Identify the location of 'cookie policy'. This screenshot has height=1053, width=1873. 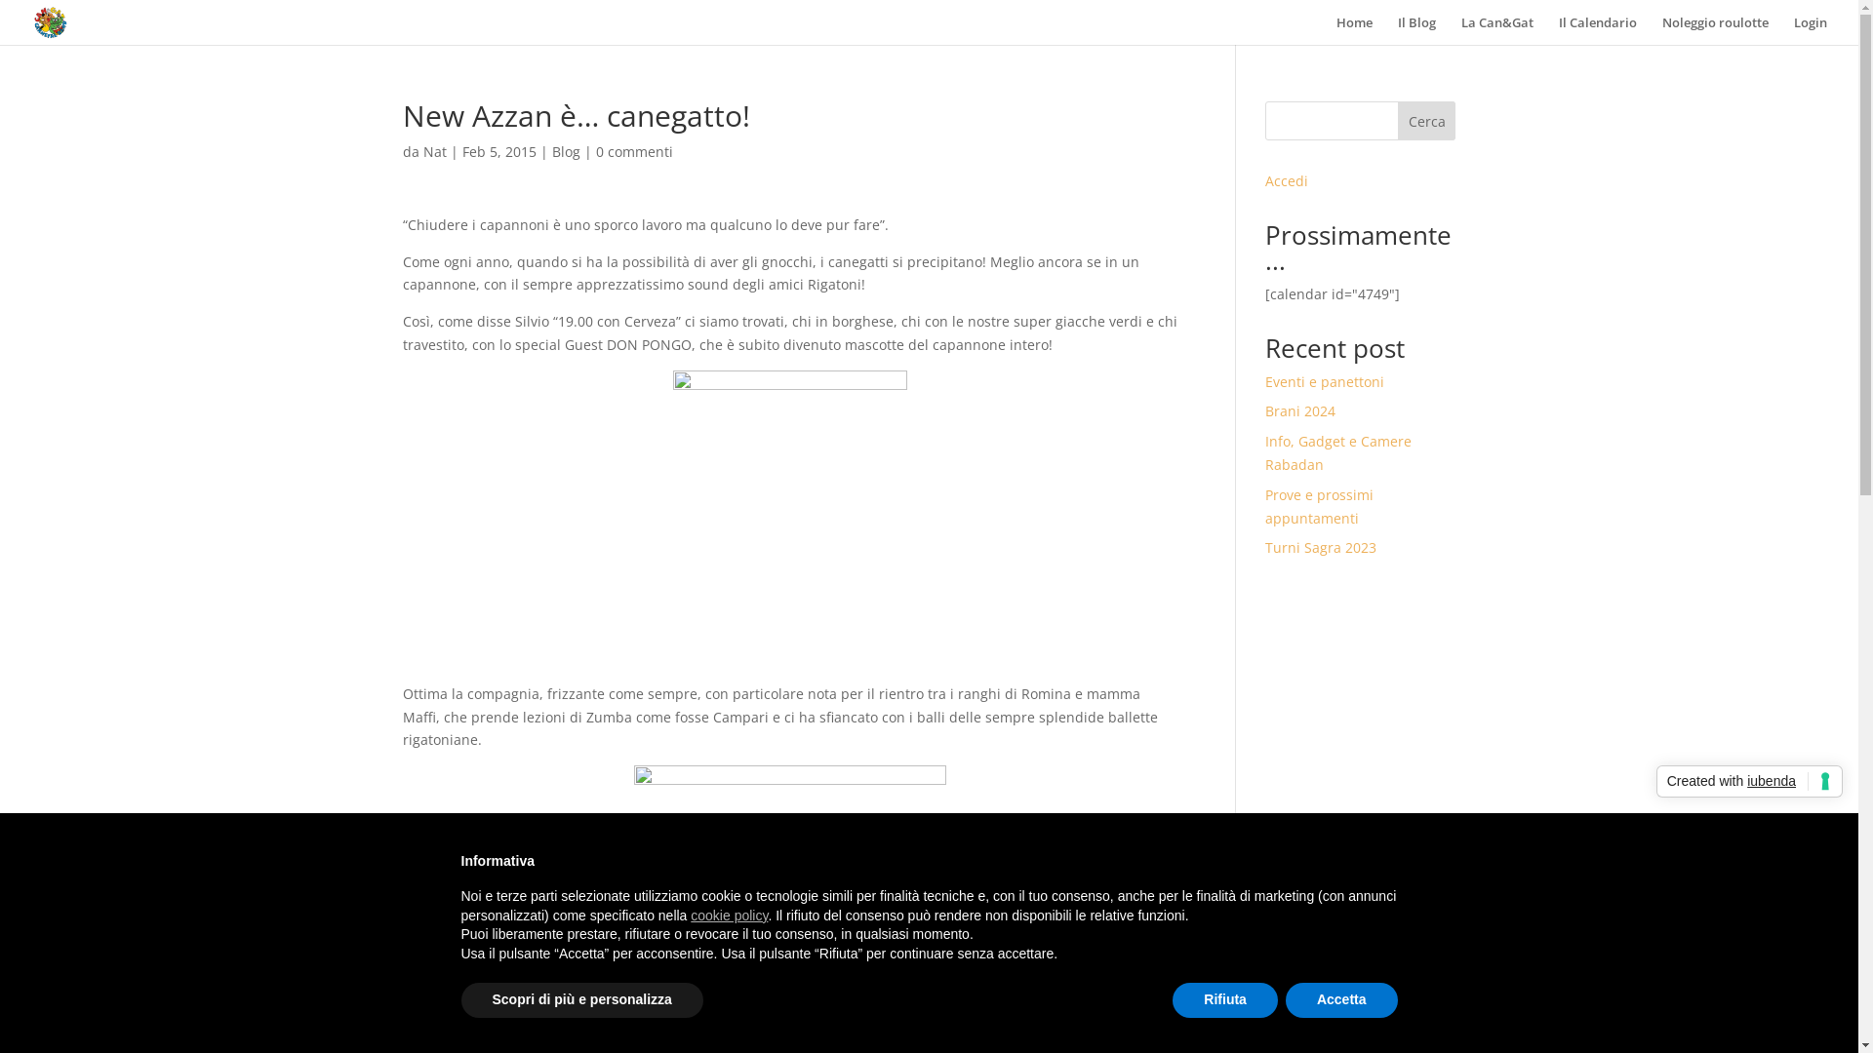
(728, 915).